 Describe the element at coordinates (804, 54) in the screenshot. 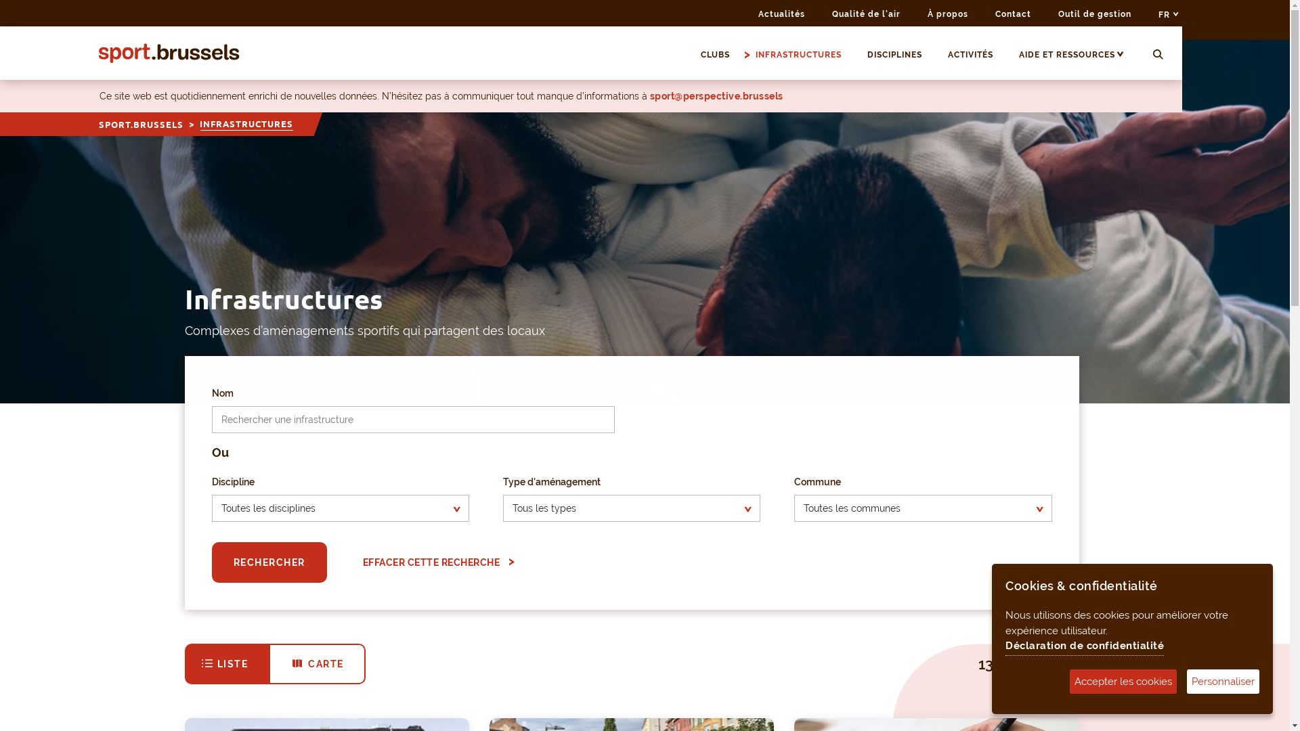

I see `'INFRASTRUCTURES'` at that location.